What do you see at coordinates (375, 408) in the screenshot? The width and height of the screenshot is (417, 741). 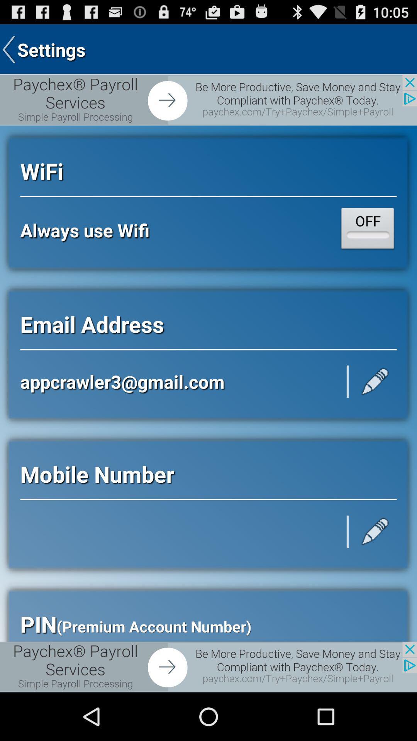 I see `the edit icon` at bounding box center [375, 408].